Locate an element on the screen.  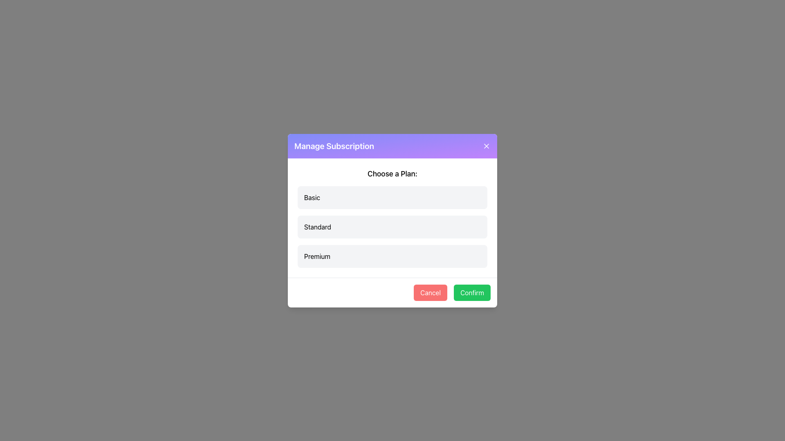
the 'Cancel' button located in the bottom-right section of the dialog box is located at coordinates (430, 292).